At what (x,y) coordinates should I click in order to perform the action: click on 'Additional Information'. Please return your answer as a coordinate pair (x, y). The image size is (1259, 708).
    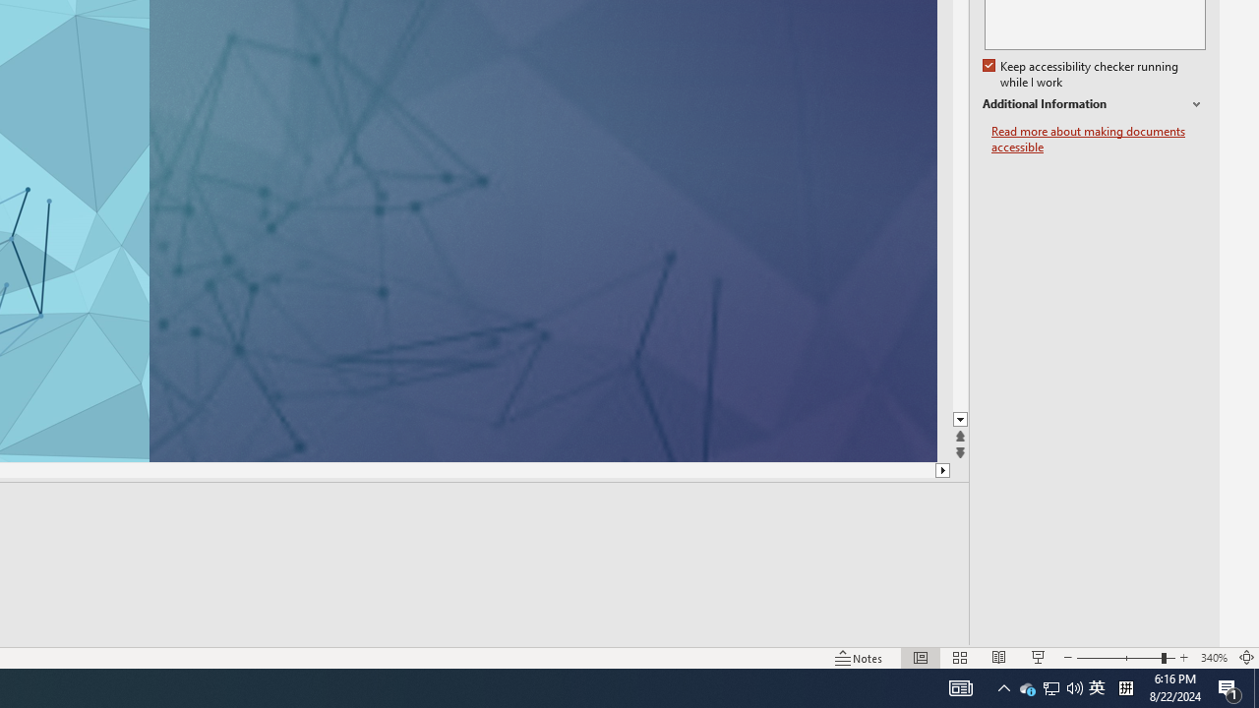
    Looking at the image, I should click on (1093, 104).